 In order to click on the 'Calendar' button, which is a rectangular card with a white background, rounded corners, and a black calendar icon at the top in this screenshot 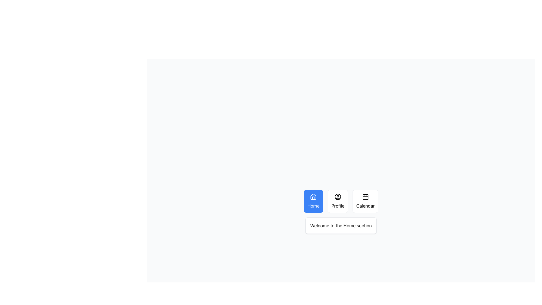, I will do `click(365, 201)`.